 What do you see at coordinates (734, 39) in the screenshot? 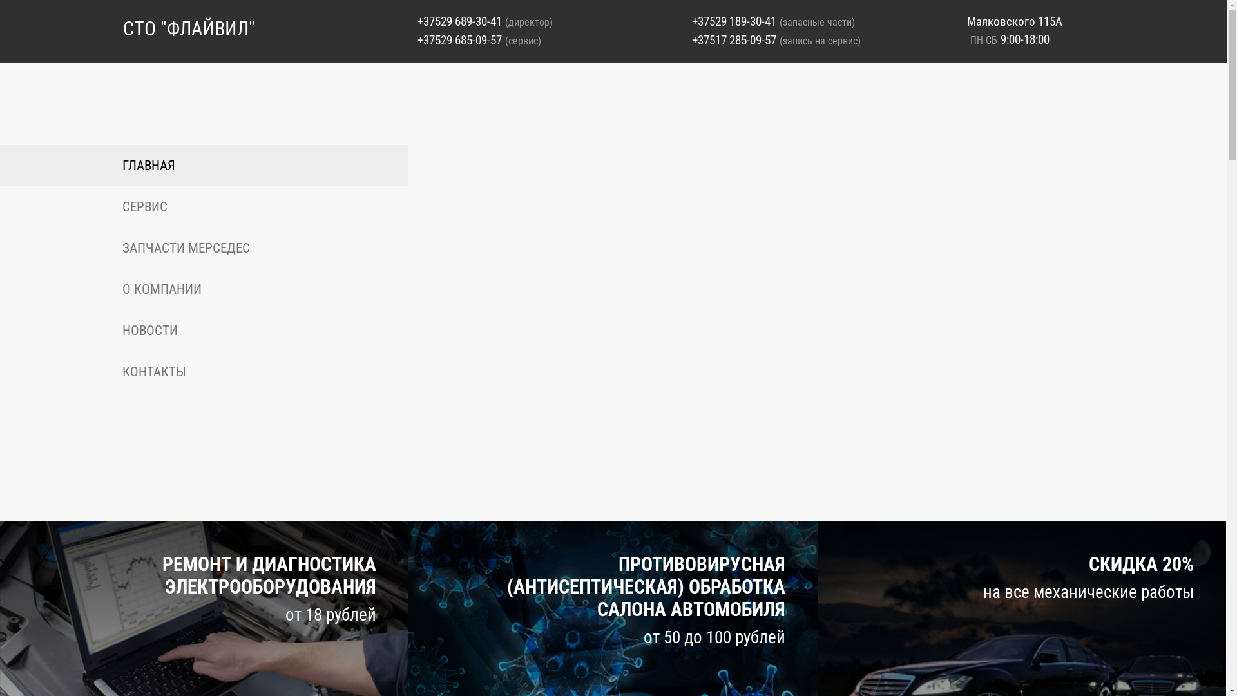
I see `'+37517 285-09-57'` at bounding box center [734, 39].